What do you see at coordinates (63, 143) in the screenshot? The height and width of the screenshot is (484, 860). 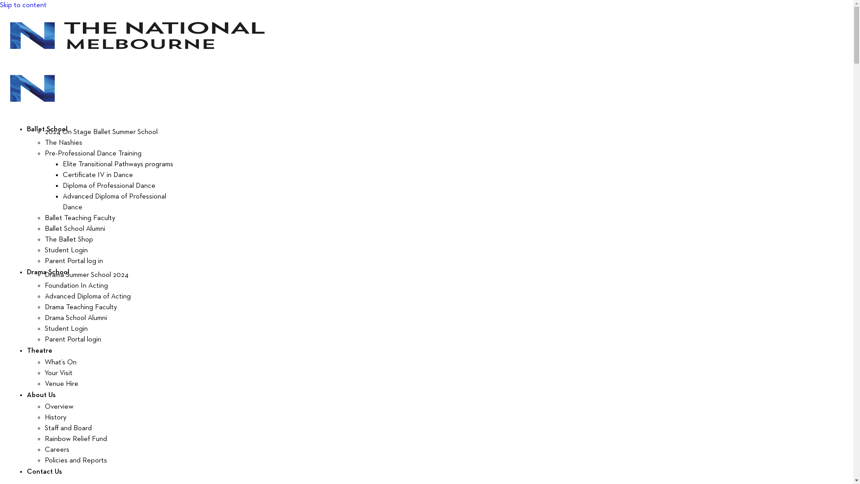 I see `'The Nashies'` at bounding box center [63, 143].